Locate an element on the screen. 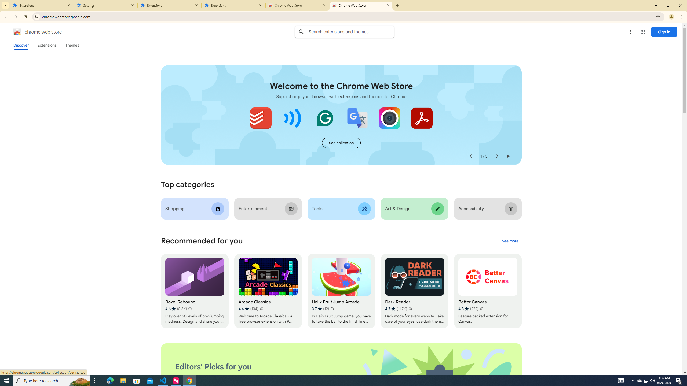 The image size is (687, 386). 'Learn more about results and reviews "Dark Reader"' is located at coordinates (410, 309).